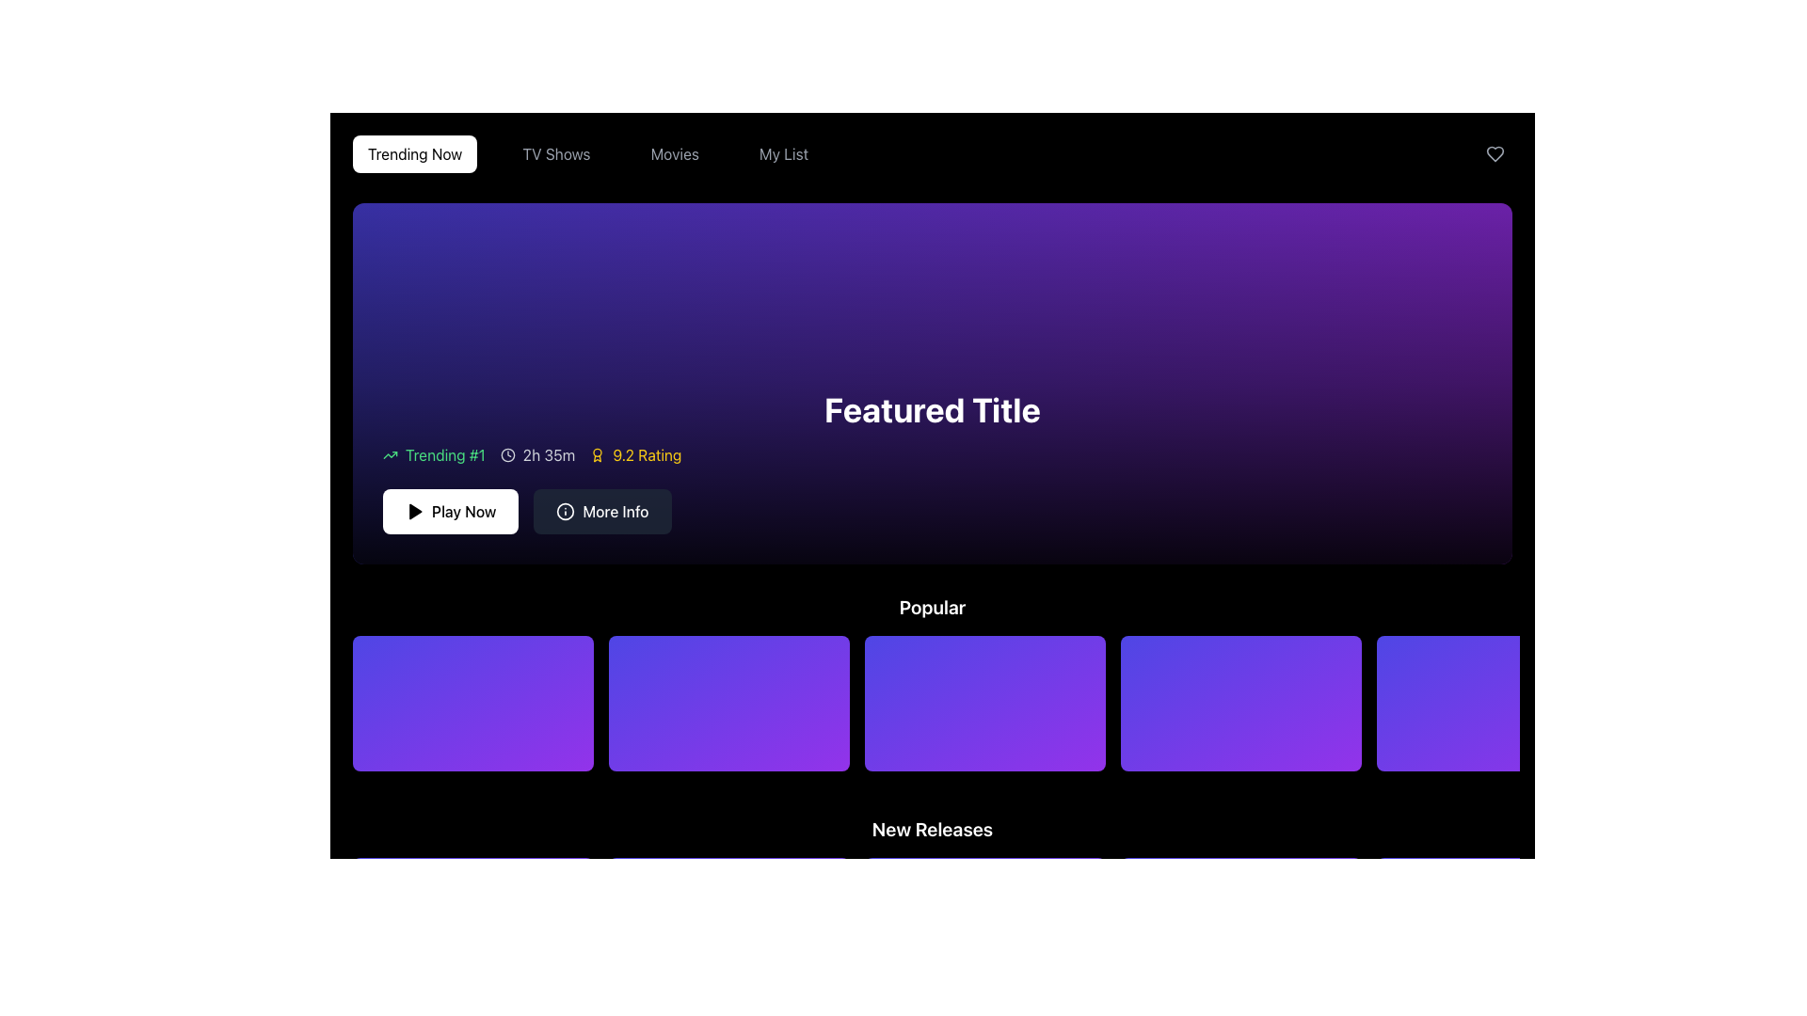 This screenshot has width=1807, height=1016. I want to click on the 'My List' text button in the navigation menu, so click(783, 153).